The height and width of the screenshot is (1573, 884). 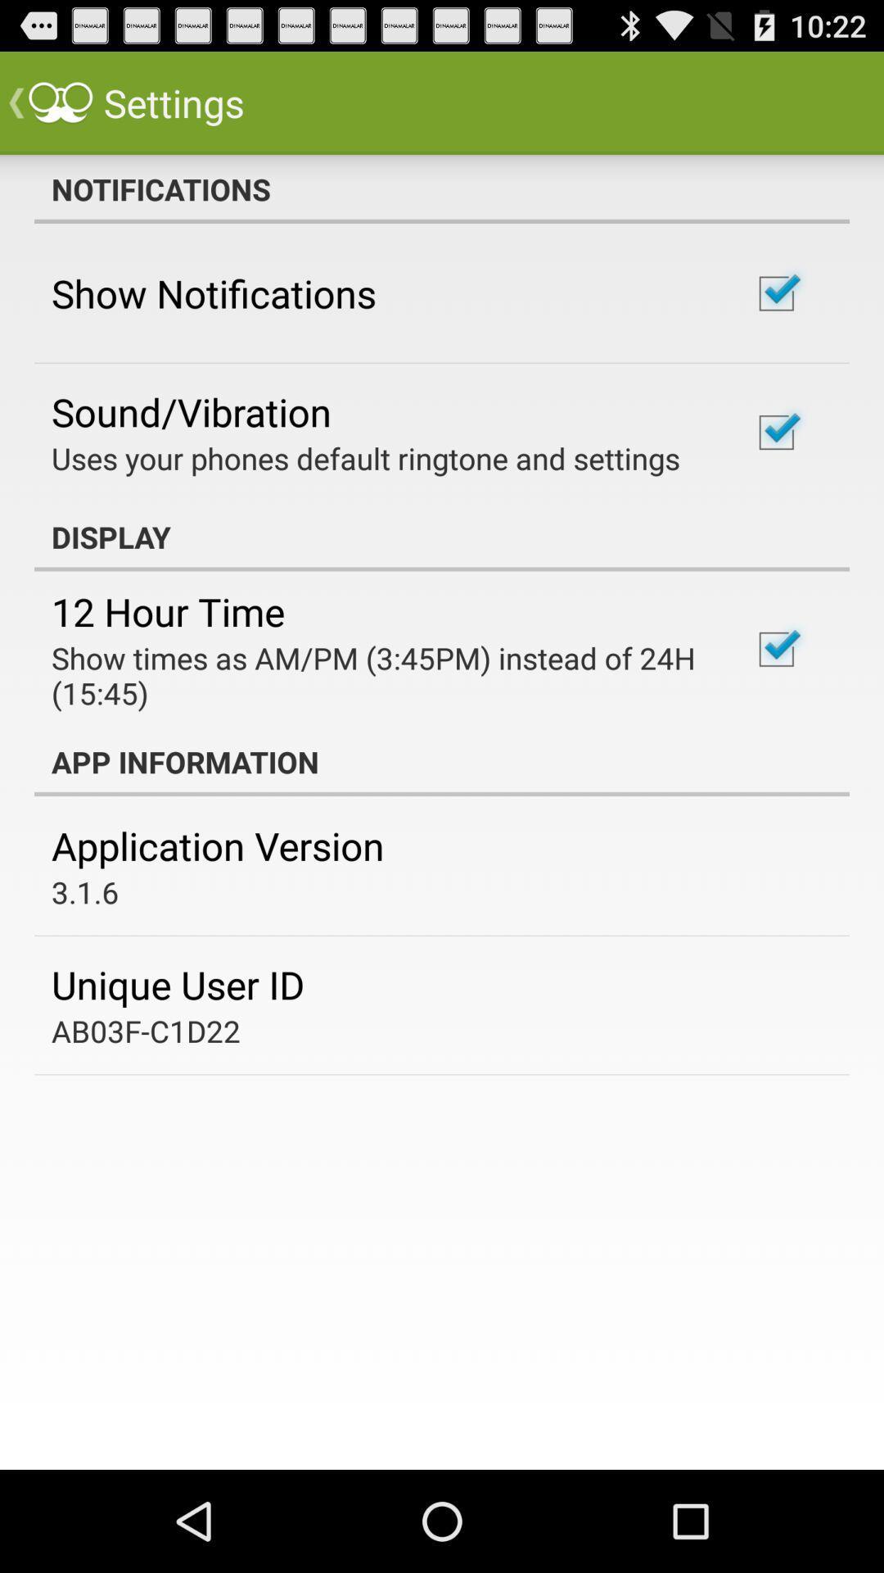 I want to click on item above app information item, so click(x=379, y=675).